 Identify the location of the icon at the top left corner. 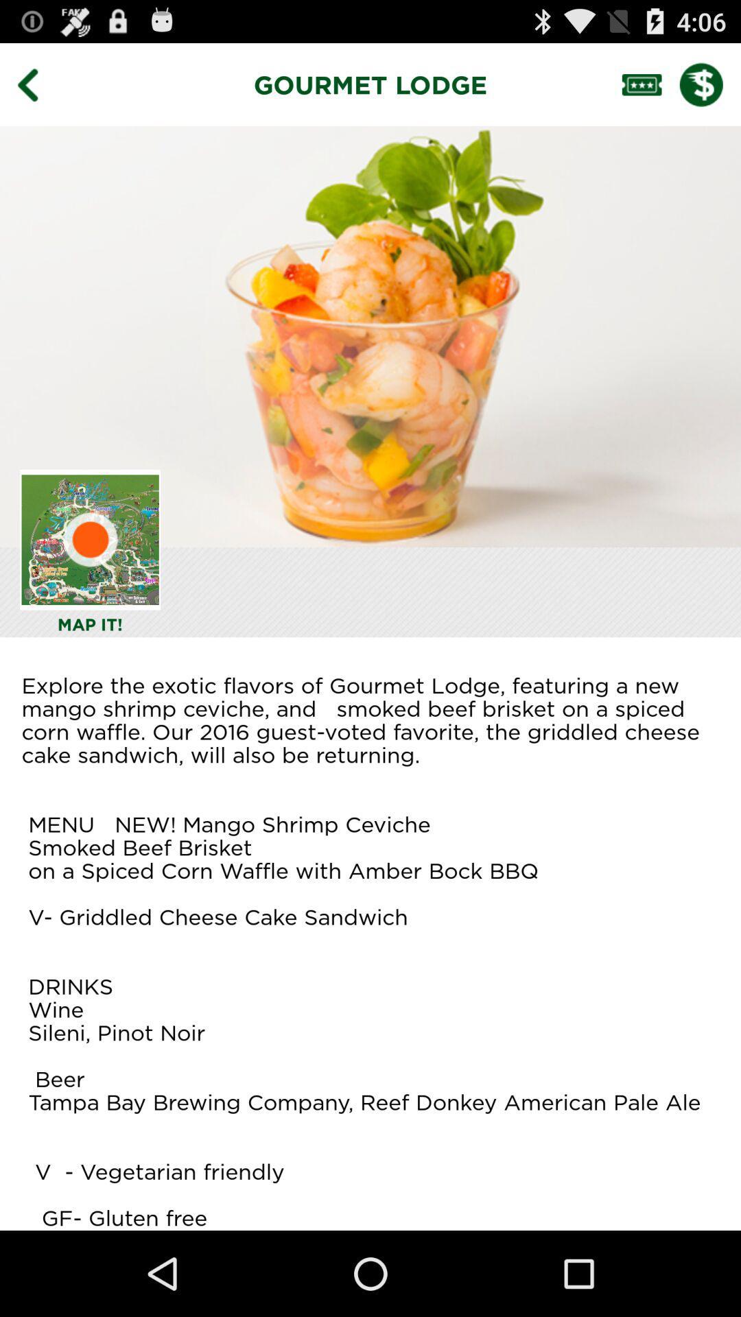
(37, 84).